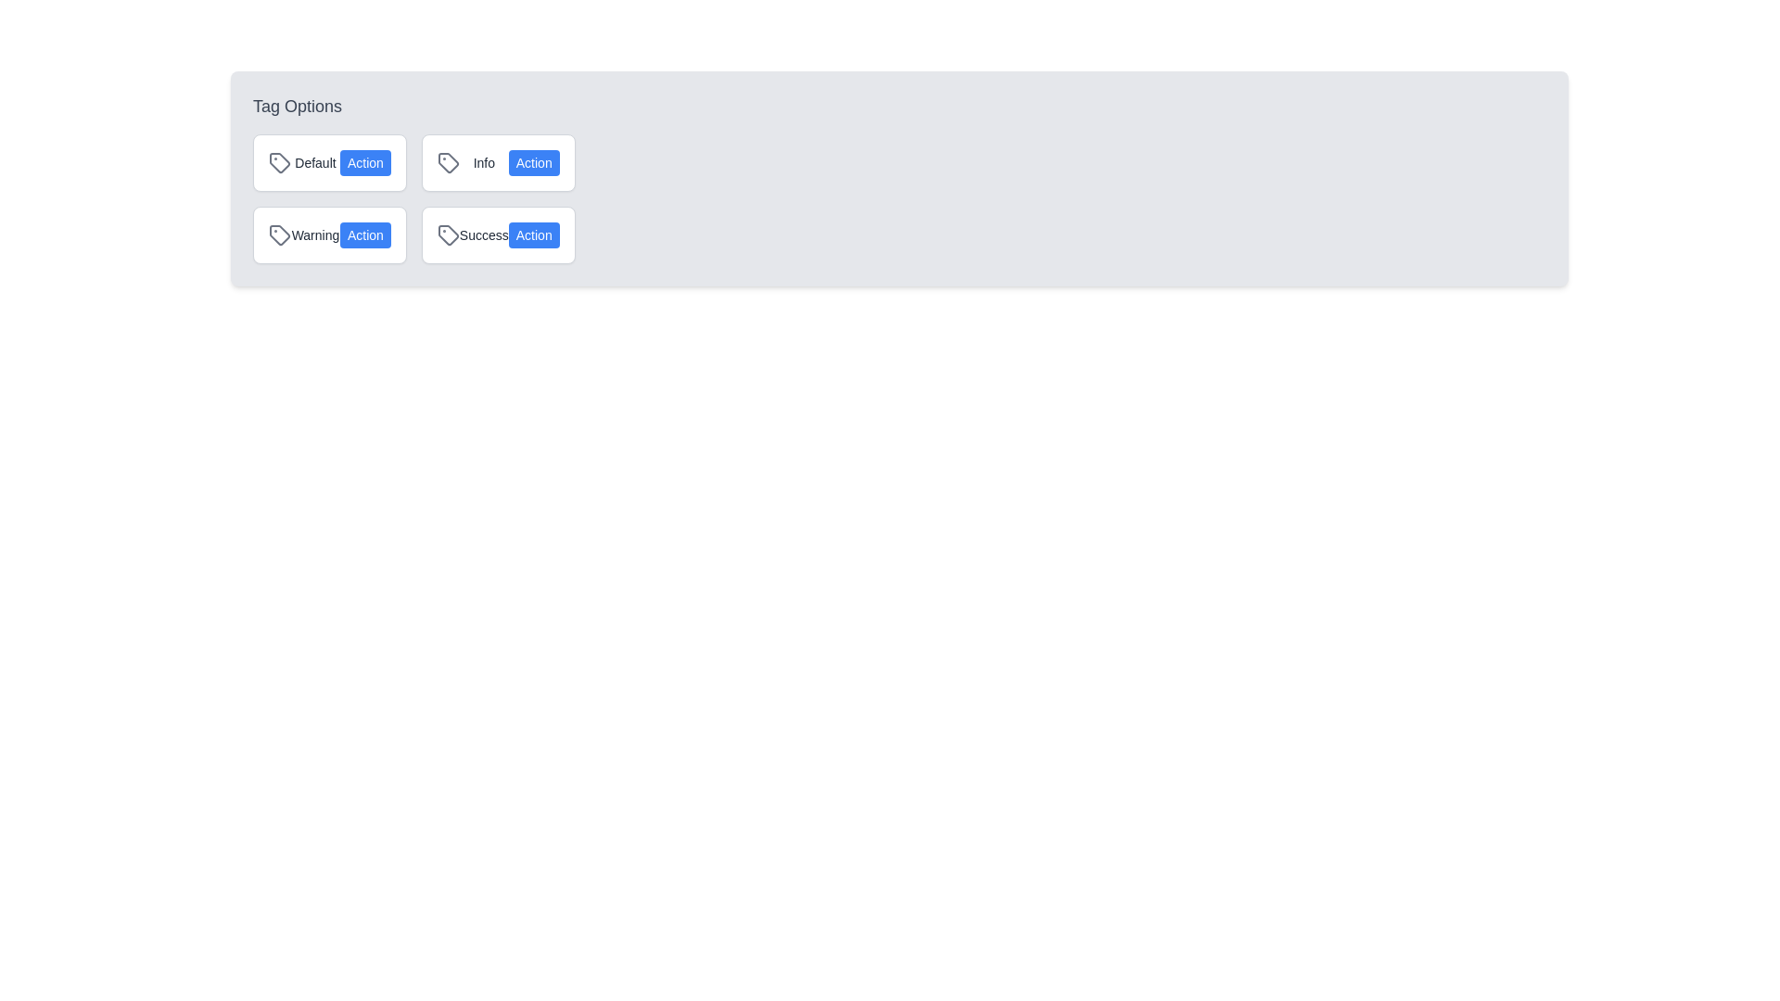 Image resolution: width=1780 pixels, height=1001 pixels. What do you see at coordinates (484, 162) in the screenshot?
I see `the 'Info' label, which is a small gray text label positioned between a tag icon and a blue 'Action' button in the 'Tag Options' section` at bounding box center [484, 162].